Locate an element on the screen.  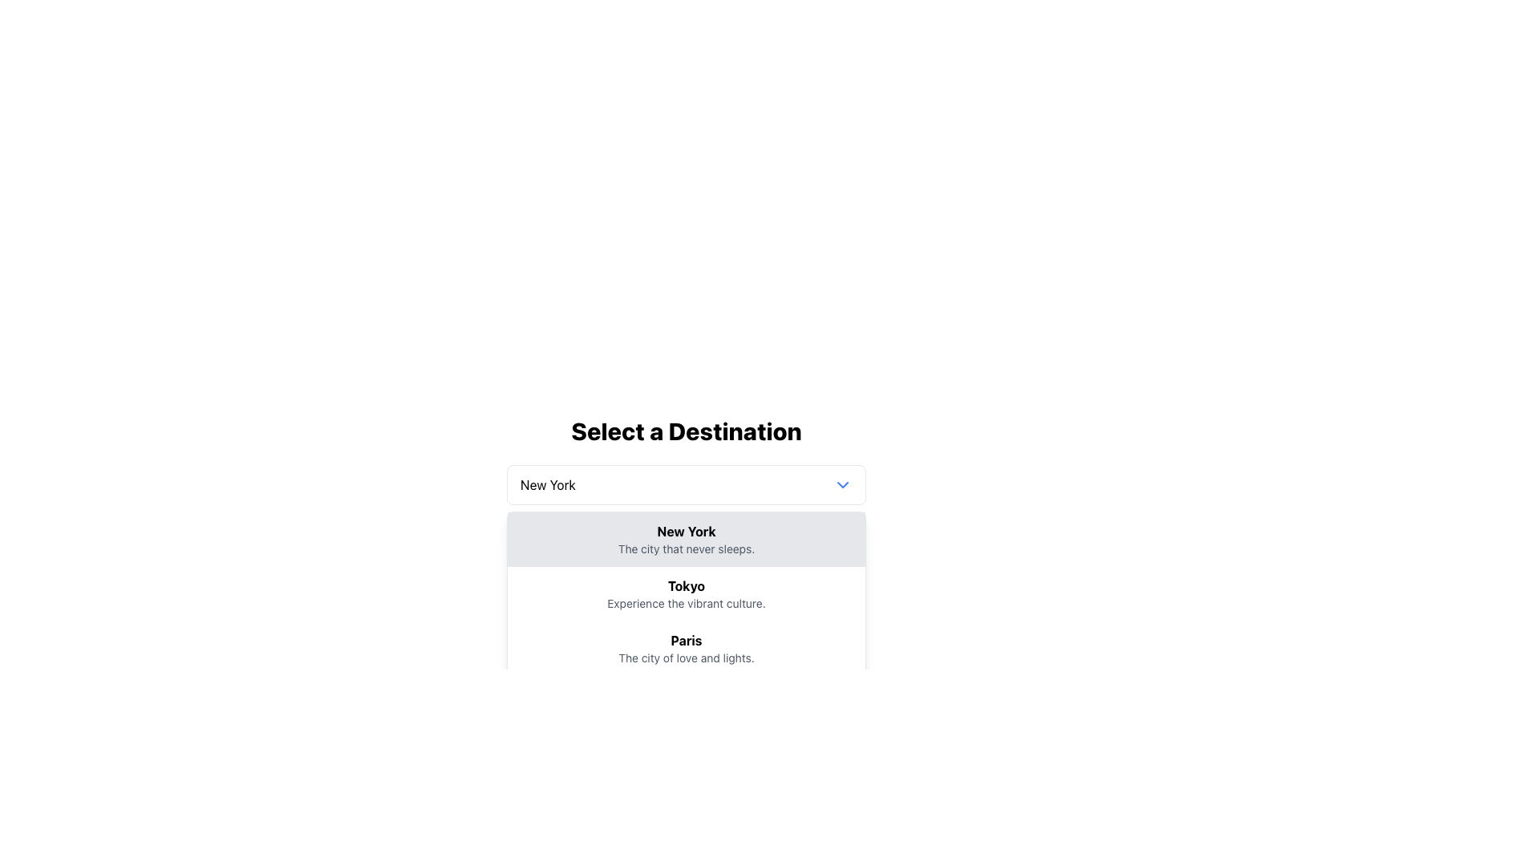
the Display Label that shows 'Selected: New York', which has a gray background and is located below the title 'Select a Destination' is located at coordinates (686, 546).